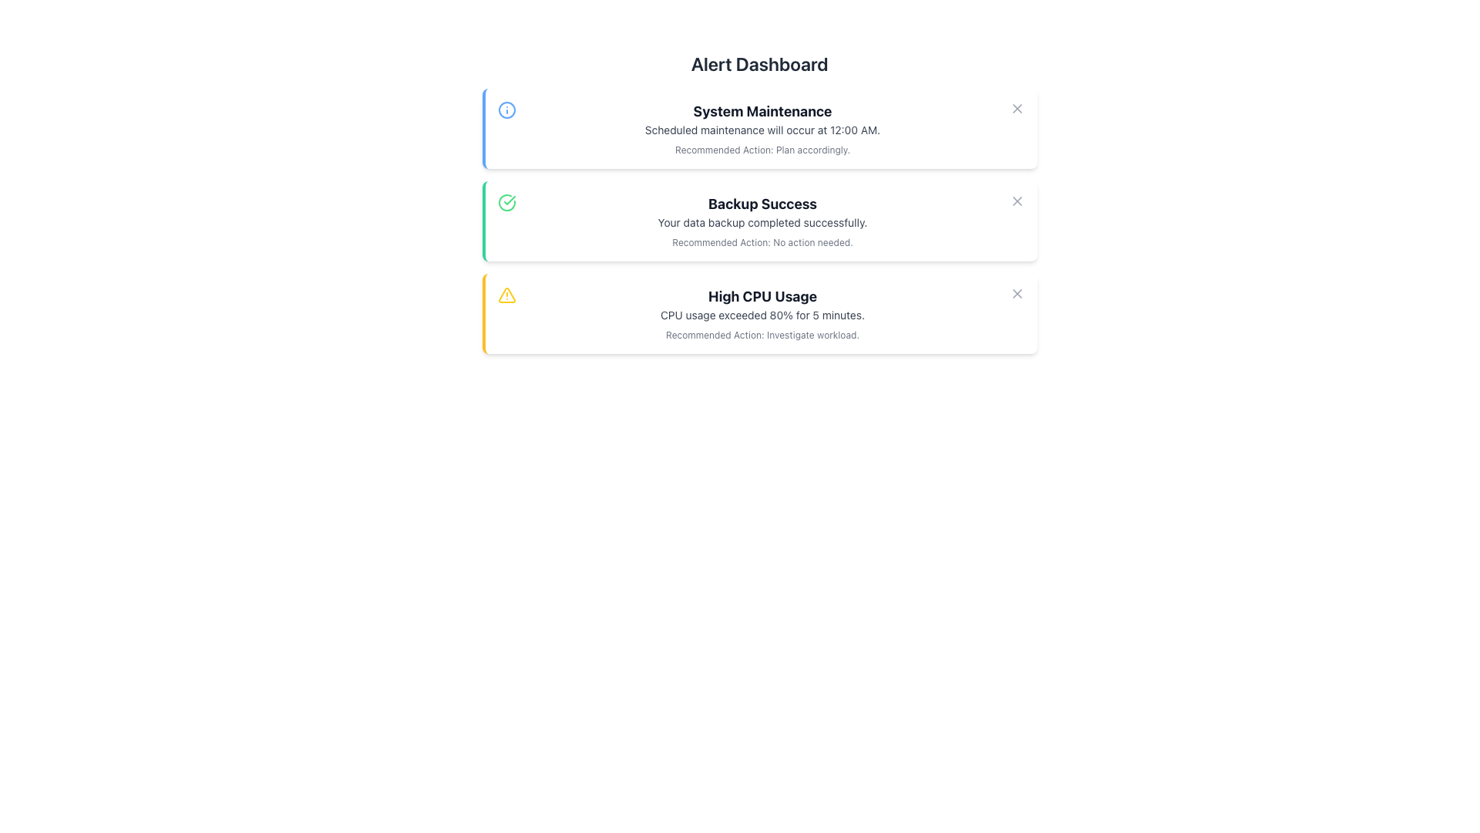  I want to click on the bold, large-sized dark gray text that reads 'System Maintenance', which is located at the top of the first alert card in a vertical stack of items, so click(762, 111).